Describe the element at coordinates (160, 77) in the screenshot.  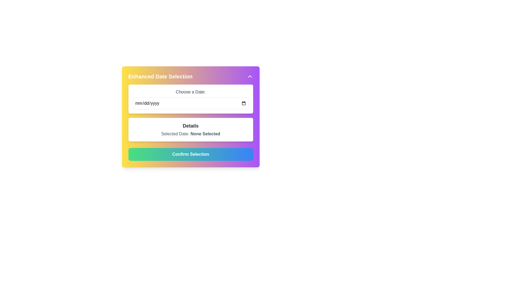
I see `the static text label that reads 'Enhanced Date Selection', which is bold, white, and positioned on a gradient background` at that location.